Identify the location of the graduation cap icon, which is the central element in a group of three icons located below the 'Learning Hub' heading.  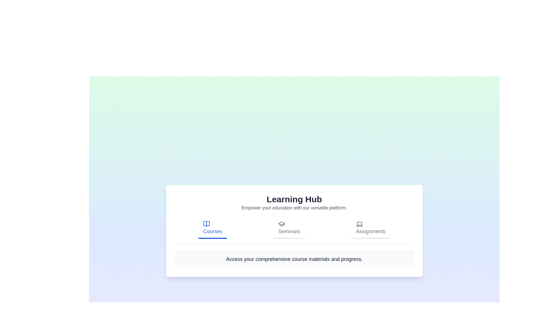
(282, 223).